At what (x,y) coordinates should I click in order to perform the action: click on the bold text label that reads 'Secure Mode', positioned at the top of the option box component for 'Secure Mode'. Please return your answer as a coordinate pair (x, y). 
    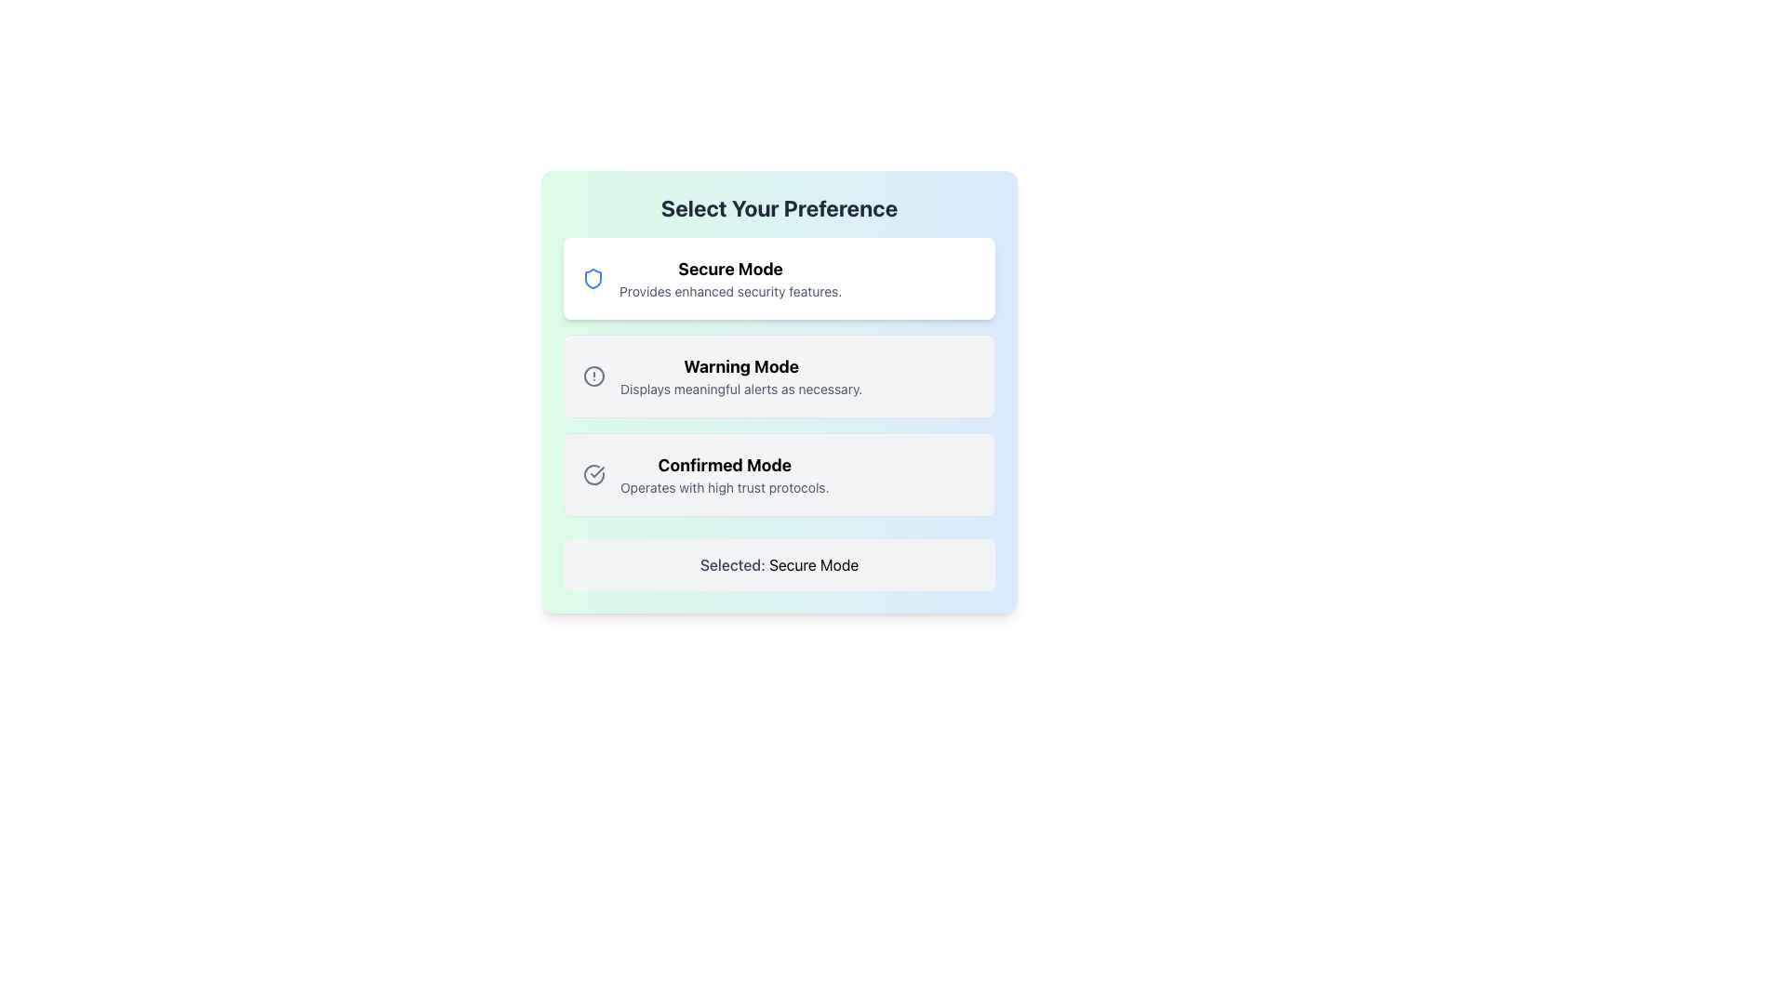
    Looking at the image, I should click on (729, 269).